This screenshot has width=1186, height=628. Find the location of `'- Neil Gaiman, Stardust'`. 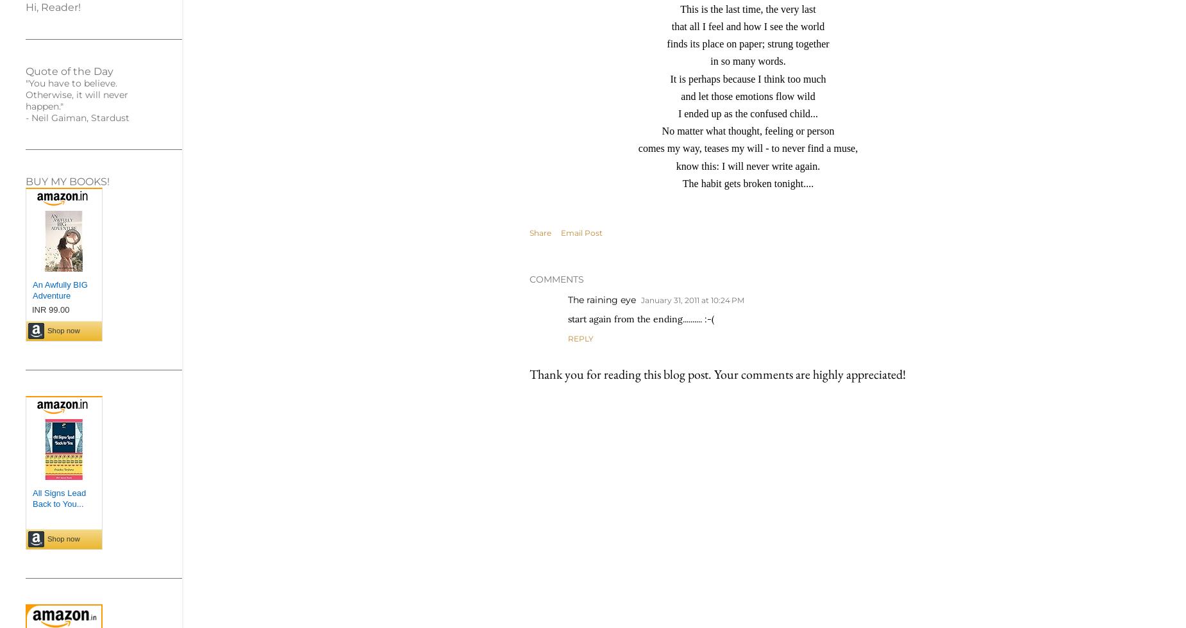

'- Neil Gaiman, Stardust' is located at coordinates (24, 118).